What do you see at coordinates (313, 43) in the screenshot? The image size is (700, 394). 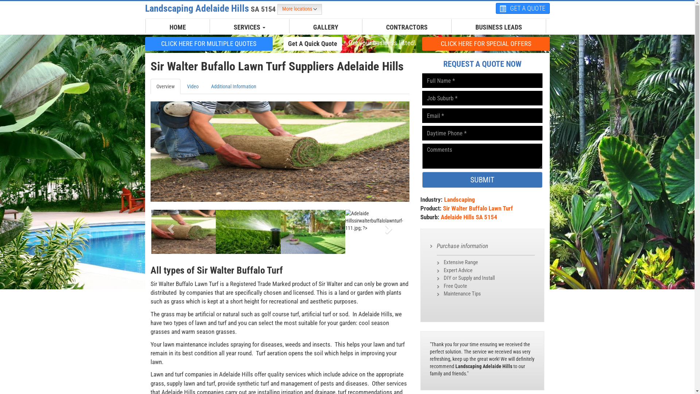 I see `'Get A Quick Quote'` at bounding box center [313, 43].